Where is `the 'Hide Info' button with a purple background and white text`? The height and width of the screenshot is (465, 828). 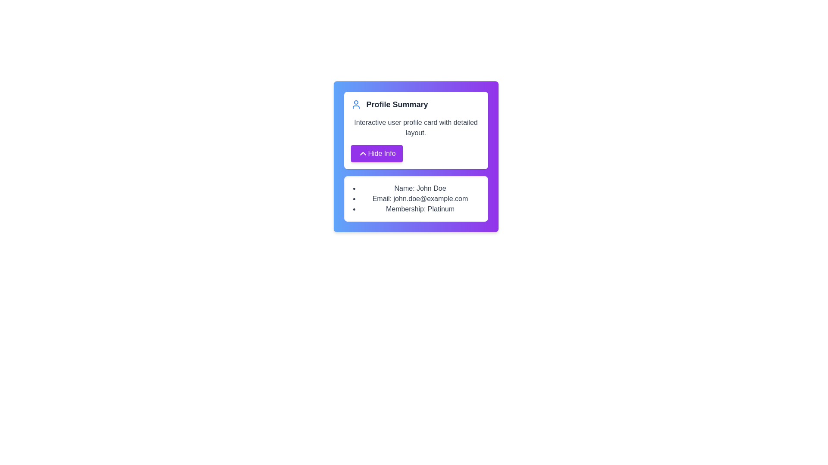
the 'Hide Info' button with a purple background and white text is located at coordinates (376, 153).